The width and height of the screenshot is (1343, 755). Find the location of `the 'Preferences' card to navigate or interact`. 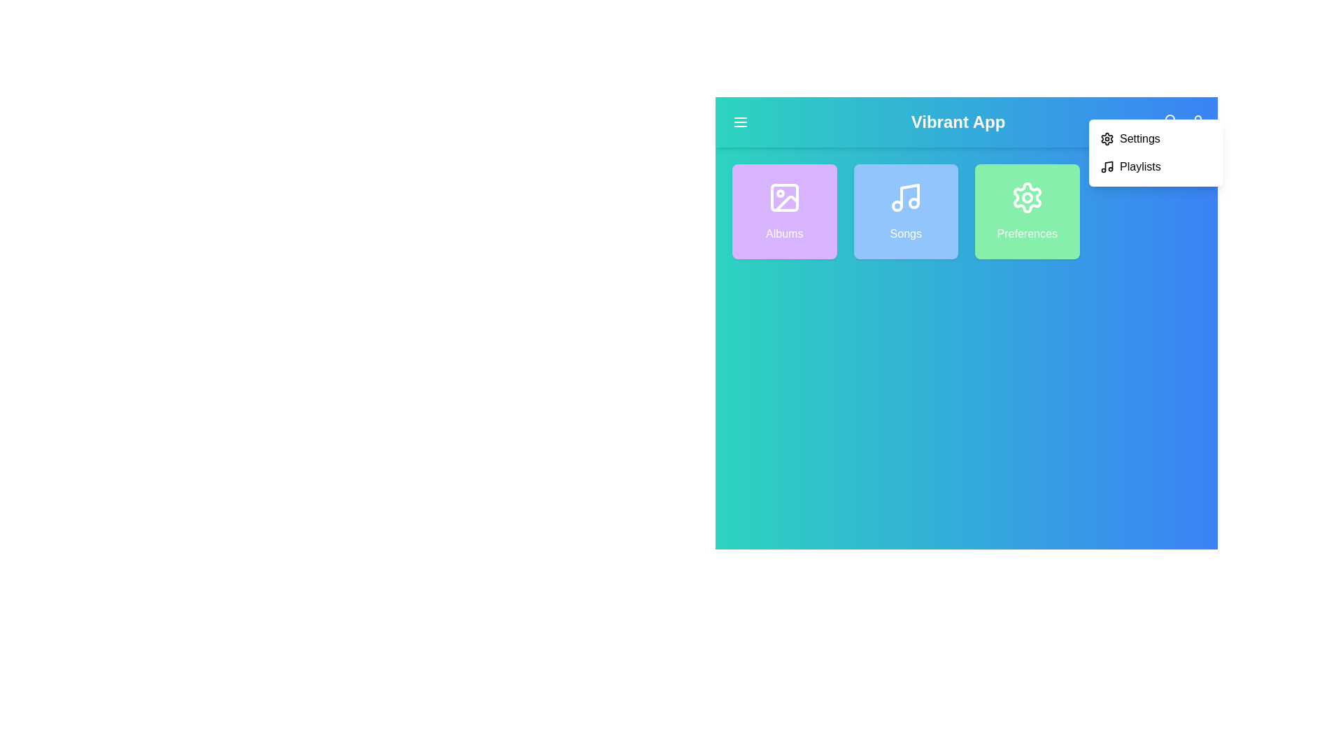

the 'Preferences' card to navigate or interact is located at coordinates (1027, 212).